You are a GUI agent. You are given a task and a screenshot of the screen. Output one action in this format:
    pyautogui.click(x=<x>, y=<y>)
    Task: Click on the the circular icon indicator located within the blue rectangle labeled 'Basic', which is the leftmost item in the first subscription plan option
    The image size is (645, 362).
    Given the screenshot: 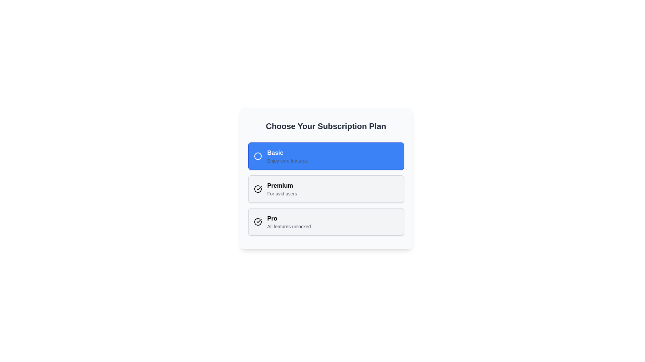 What is the action you would take?
    pyautogui.click(x=257, y=156)
    